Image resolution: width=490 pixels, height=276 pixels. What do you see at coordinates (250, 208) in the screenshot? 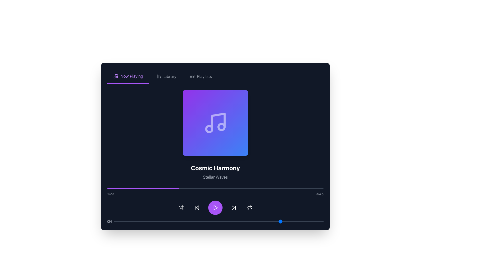
I see `the repeat button with a loop icon located in the footer section of the music player interface` at bounding box center [250, 208].